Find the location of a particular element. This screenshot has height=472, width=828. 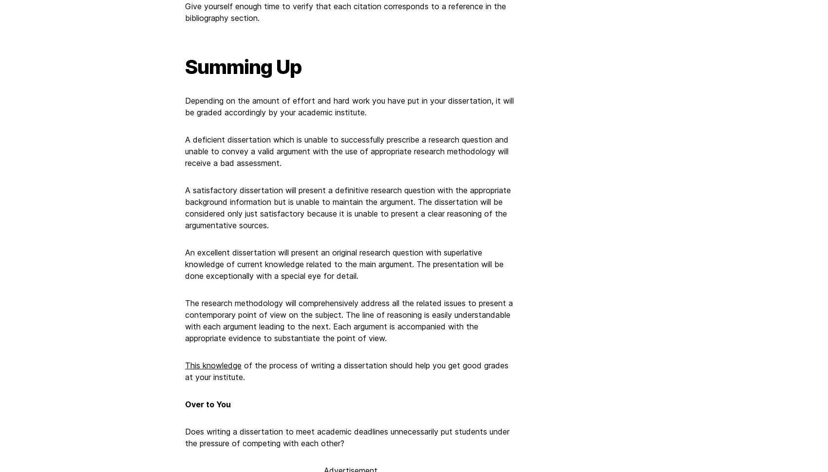

'Depending on the amount of effort and hard work you have put in your dissertation, it will be graded accordingly by your academic institute.' is located at coordinates (349, 106).